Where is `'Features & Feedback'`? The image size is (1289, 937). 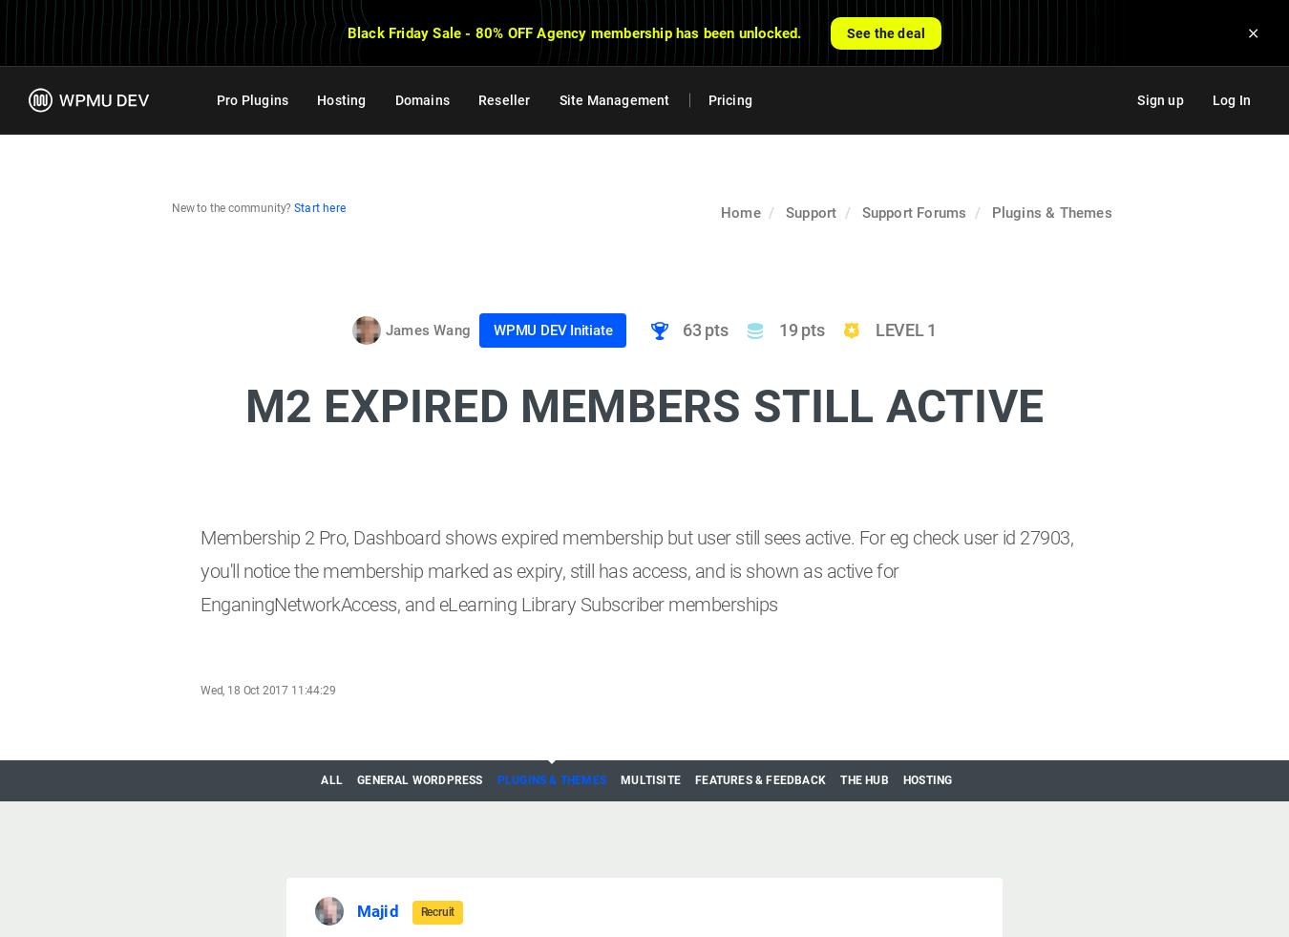 'Features & Feedback' is located at coordinates (760, 778).